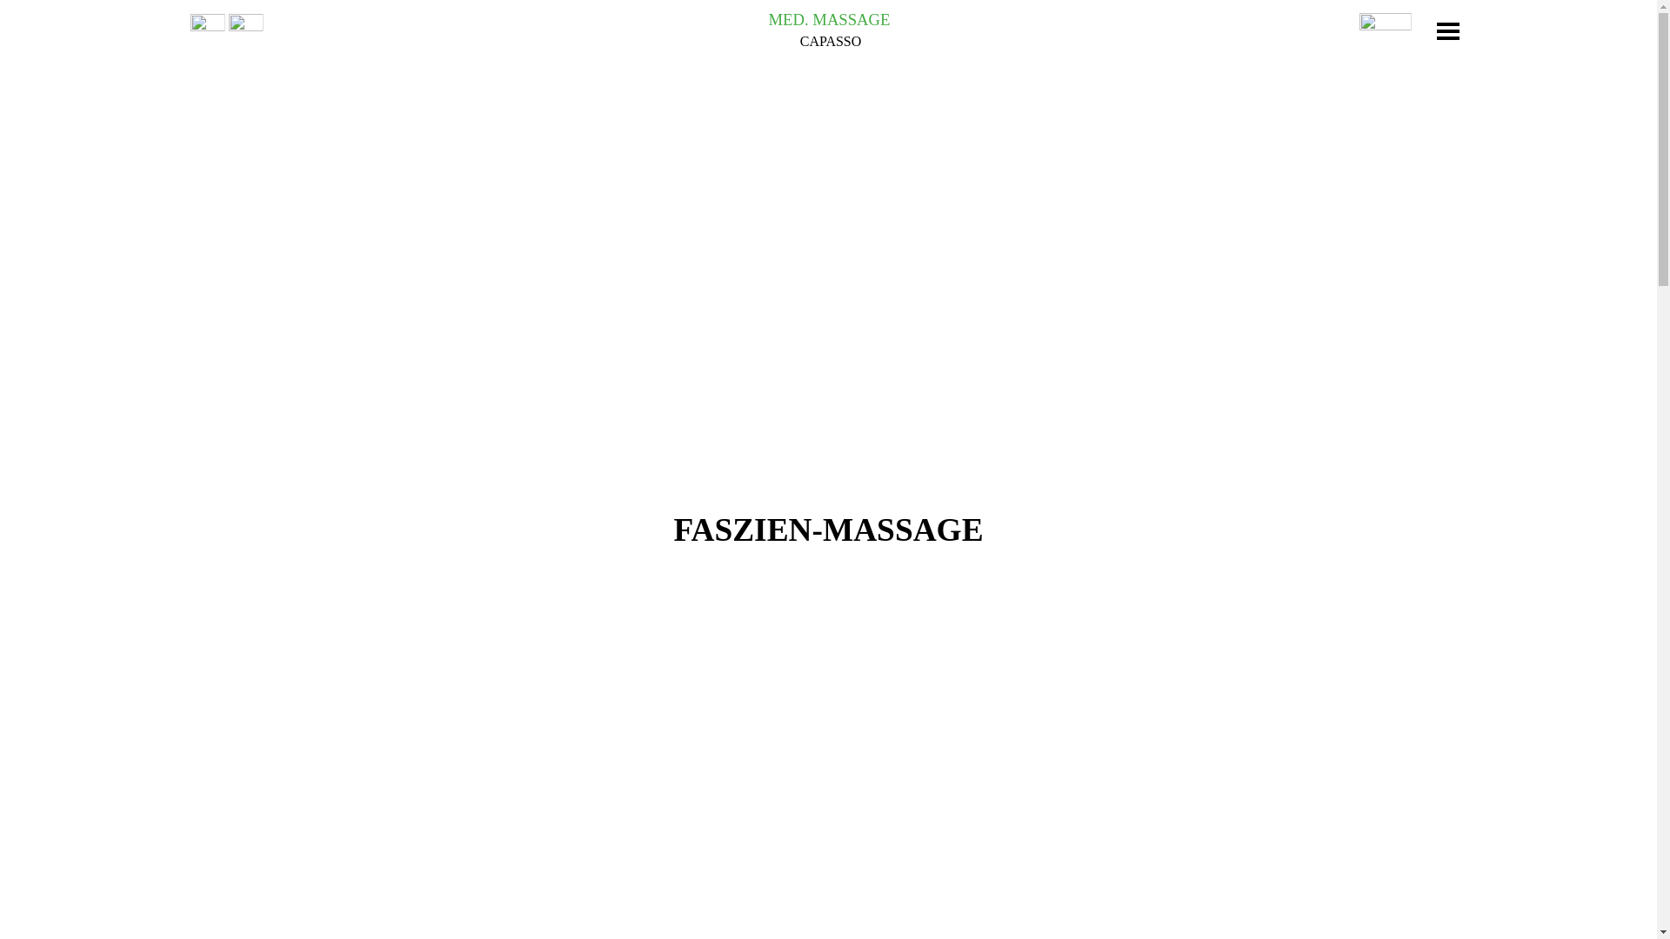 The width and height of the screenshot is (1670, 939). I want to click on 'MED. MASSAGE', so click(829, 19).